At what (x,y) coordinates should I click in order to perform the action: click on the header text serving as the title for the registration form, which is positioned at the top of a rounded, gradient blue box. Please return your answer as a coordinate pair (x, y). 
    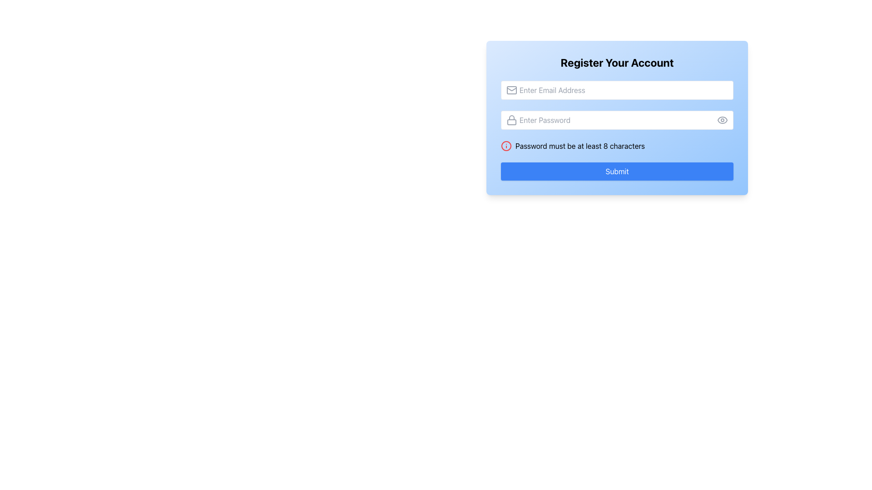
    Looking at the image, I should click on (617, 62).